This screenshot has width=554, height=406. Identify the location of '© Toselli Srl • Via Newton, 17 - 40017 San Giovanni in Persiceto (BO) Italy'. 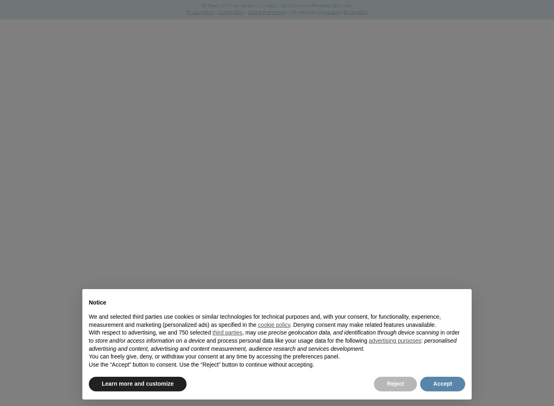
(201, 5).